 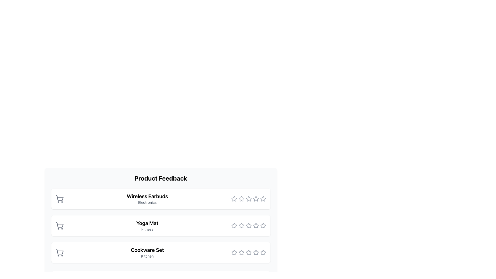 What do you see at coordinates (241, 199) in the screenshot?
I see `the third star icon in the rating section next to 'Wireless Earbuds'` at bounding box center [241, 199].